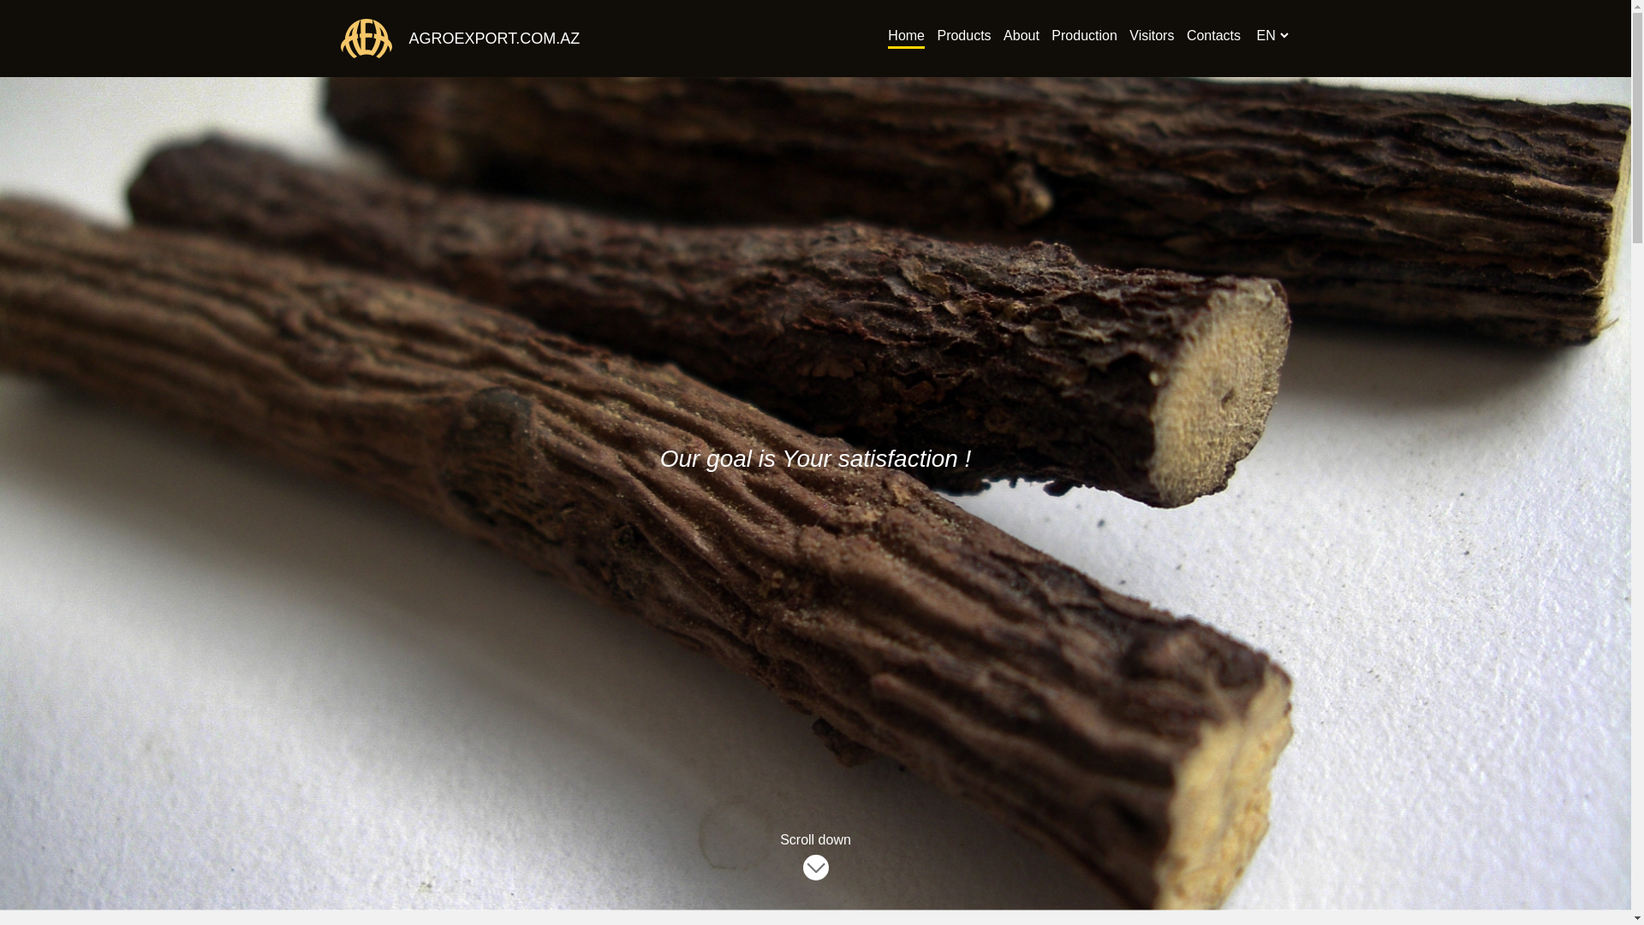 The width and height of the screenshot is (1644, 925). Describe the element at coordinates (1083, 37) in the screenshot. I see `'Production'` at that location.